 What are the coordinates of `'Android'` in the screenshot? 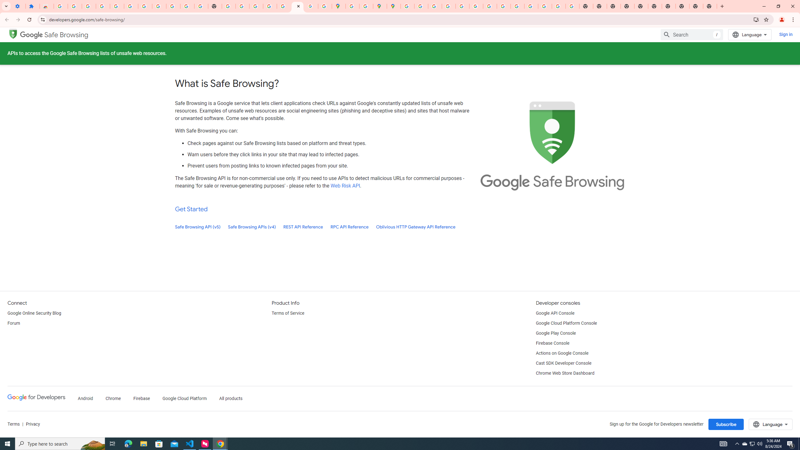 It's located at (85, 398).